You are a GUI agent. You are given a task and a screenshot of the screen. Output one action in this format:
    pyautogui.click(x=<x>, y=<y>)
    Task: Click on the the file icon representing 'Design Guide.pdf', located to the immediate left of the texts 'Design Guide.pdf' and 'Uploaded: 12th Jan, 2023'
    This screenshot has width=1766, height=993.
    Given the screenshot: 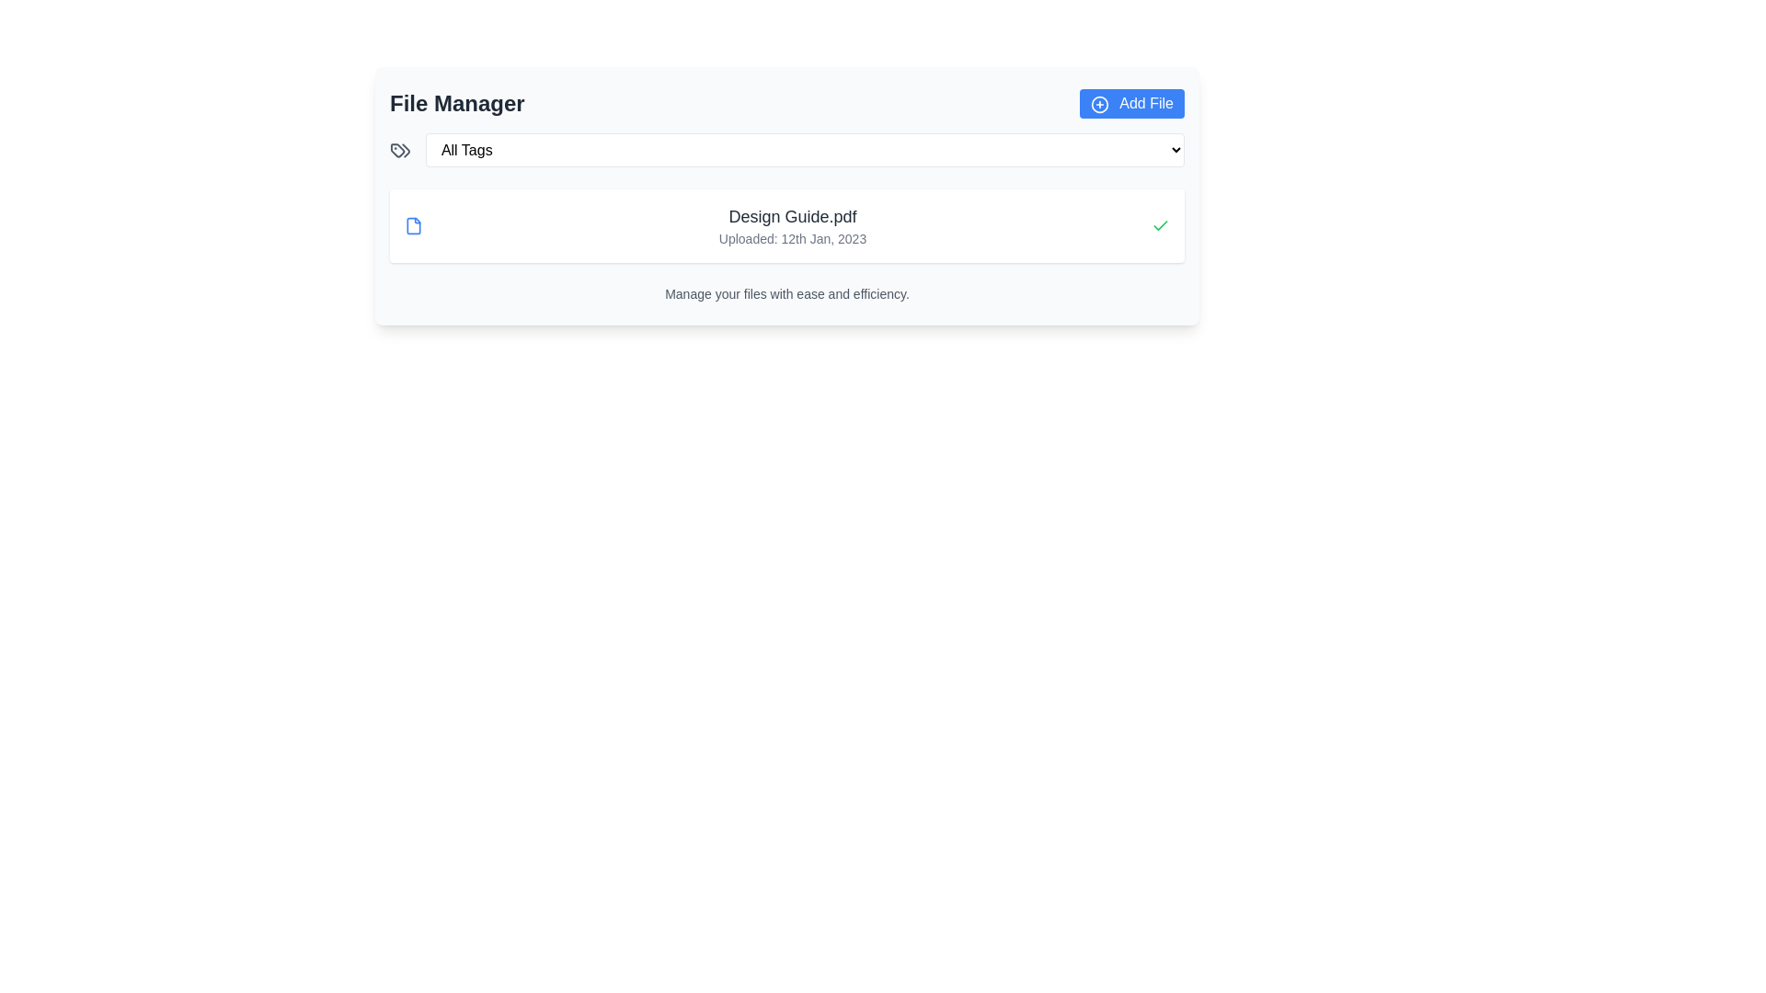 What is the action you would take?
    pyautogui.click(x=413, y=225)
    